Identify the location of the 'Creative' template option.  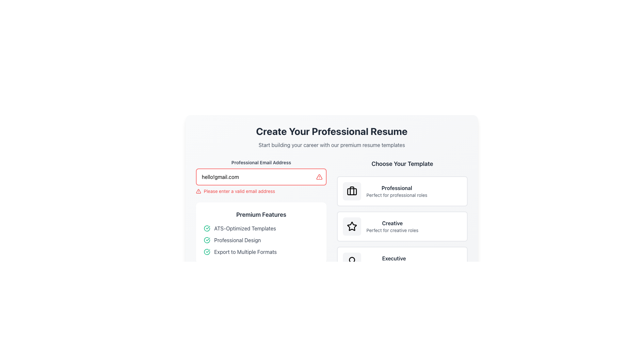
(402, 226).